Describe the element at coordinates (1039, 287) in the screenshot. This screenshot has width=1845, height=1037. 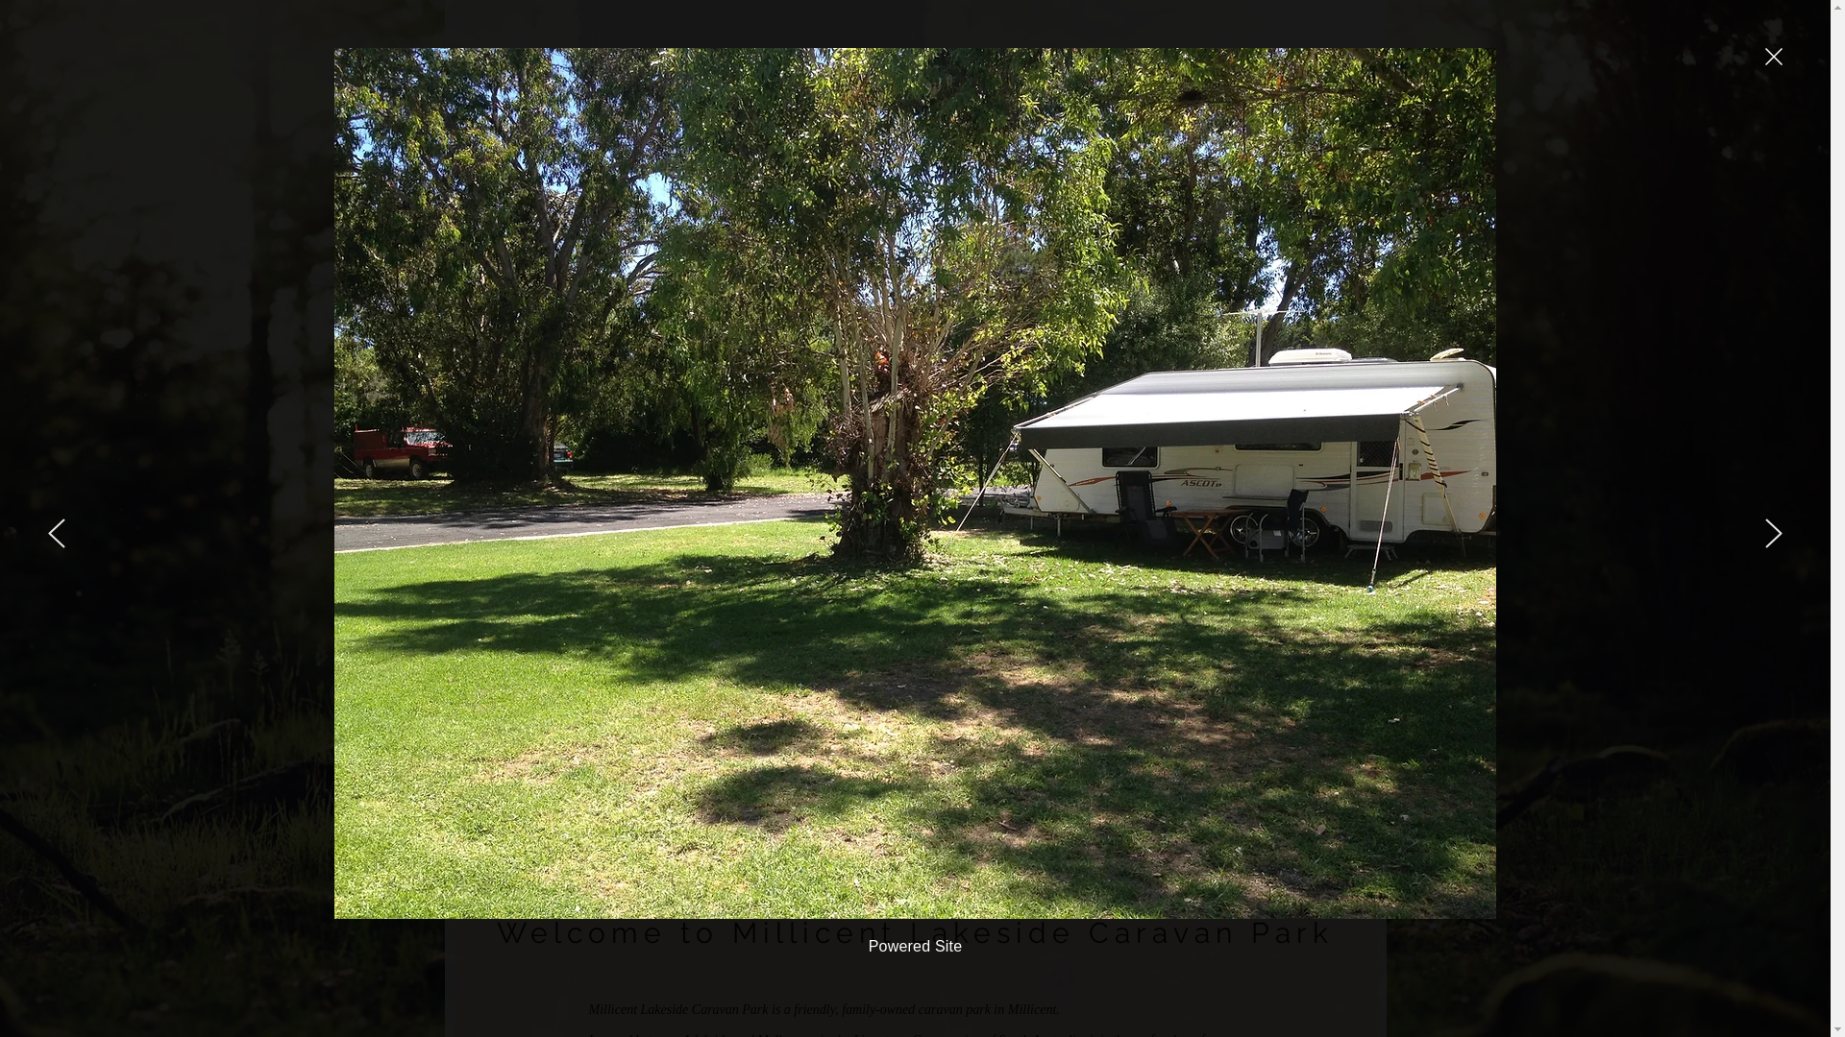
I see `'ACCOMMODATION'` at that location.